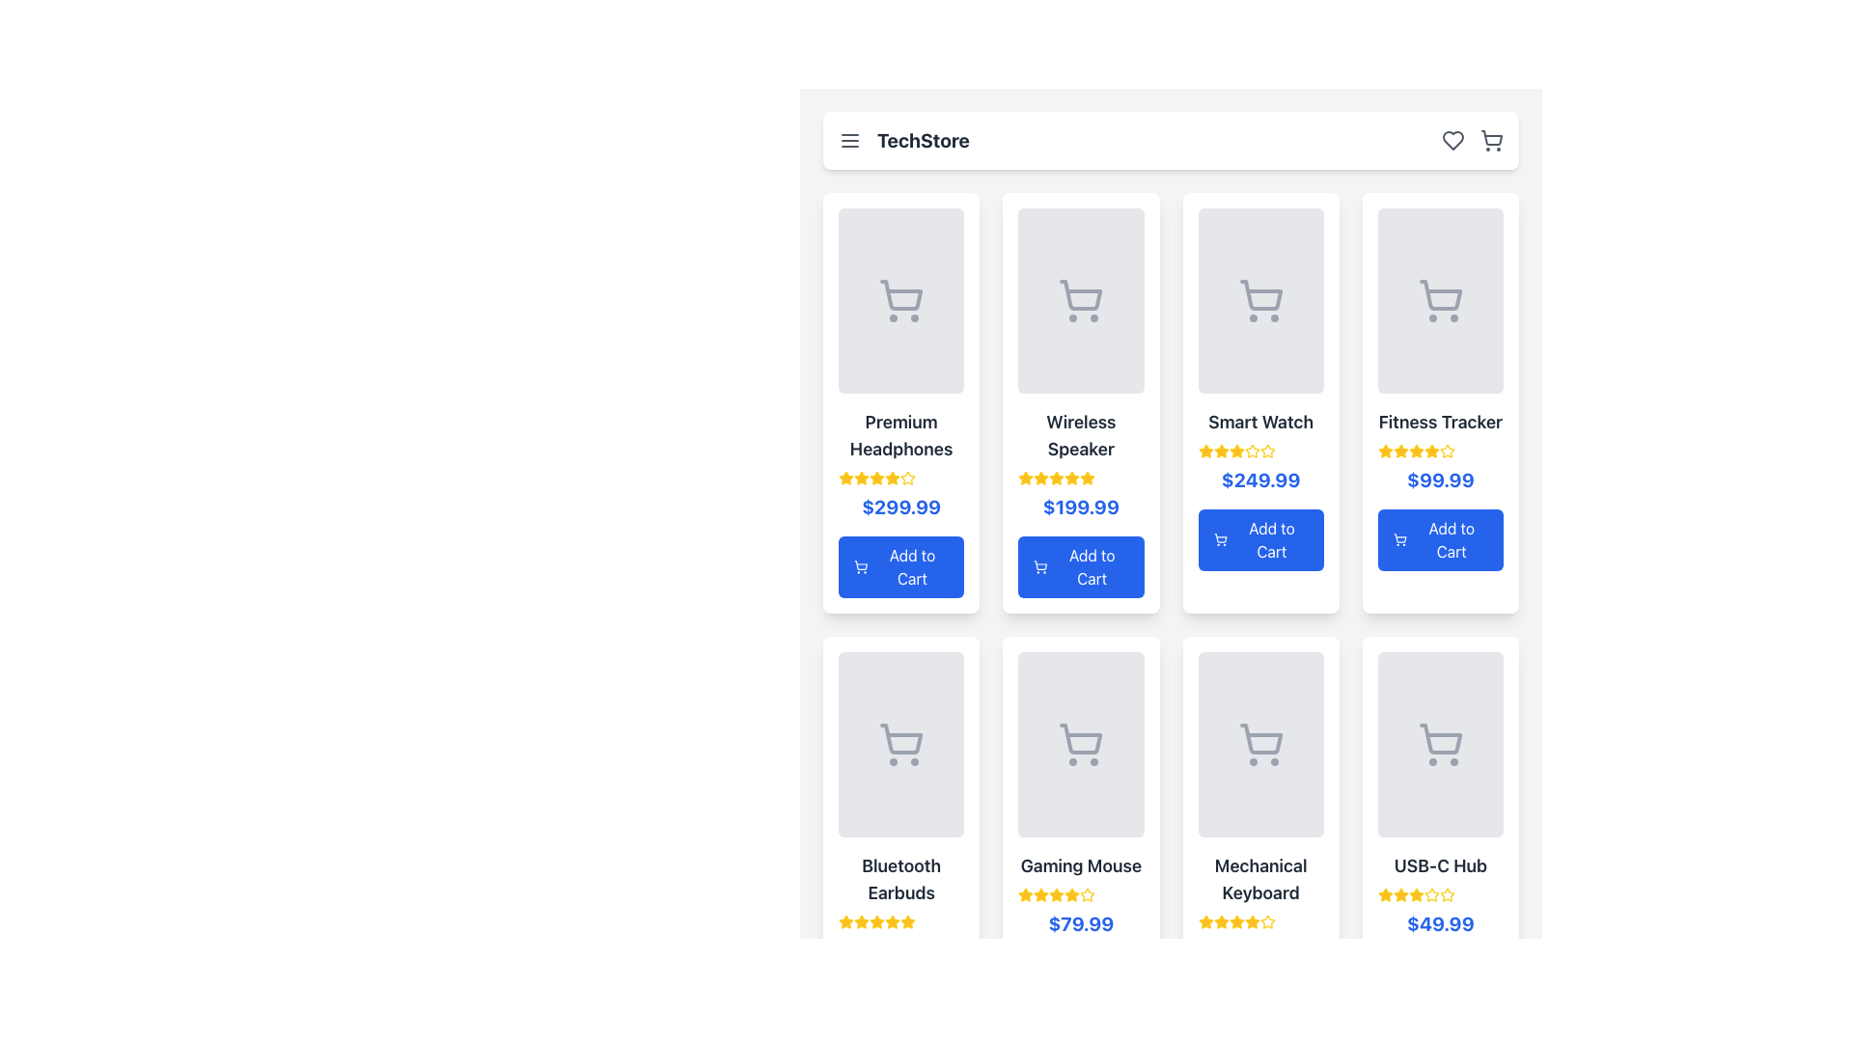 This screenshot has width=1853, height=1042. Describe the element at coordinates (1260, 743) in the screenshot. I see `the shopping cart icon, which is a minimalistic gray outline with circular wheels` at that location.